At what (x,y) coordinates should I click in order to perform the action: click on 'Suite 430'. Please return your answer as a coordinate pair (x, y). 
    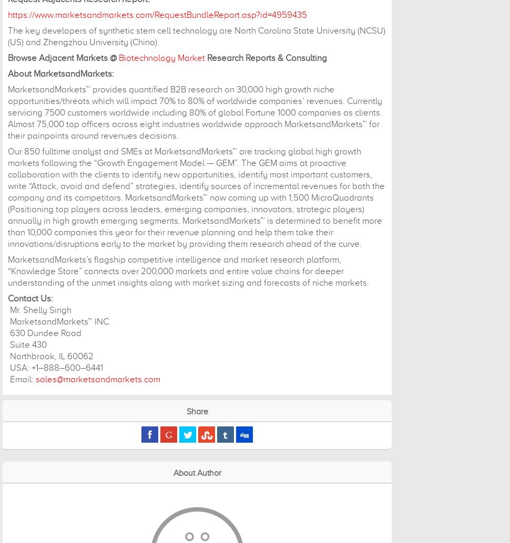
    Looking at the image, I should click on (26, 344).